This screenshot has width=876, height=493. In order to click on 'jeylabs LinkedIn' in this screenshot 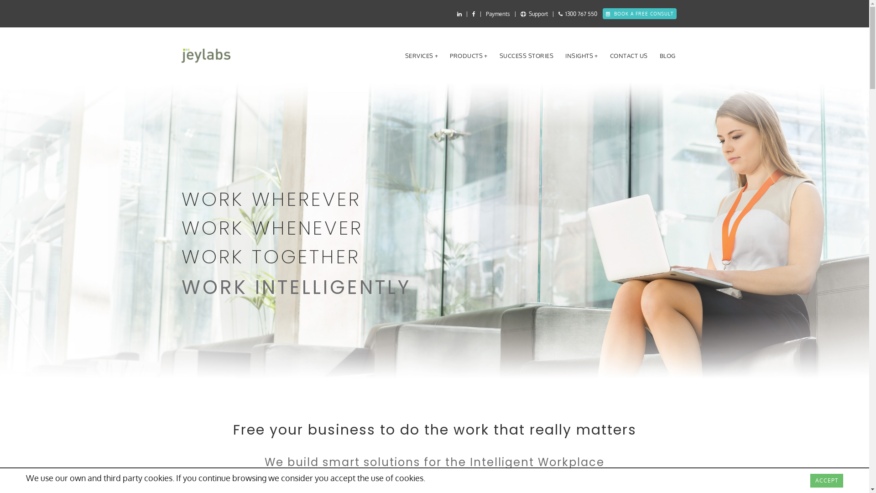, I will do `click(457, 14)`.